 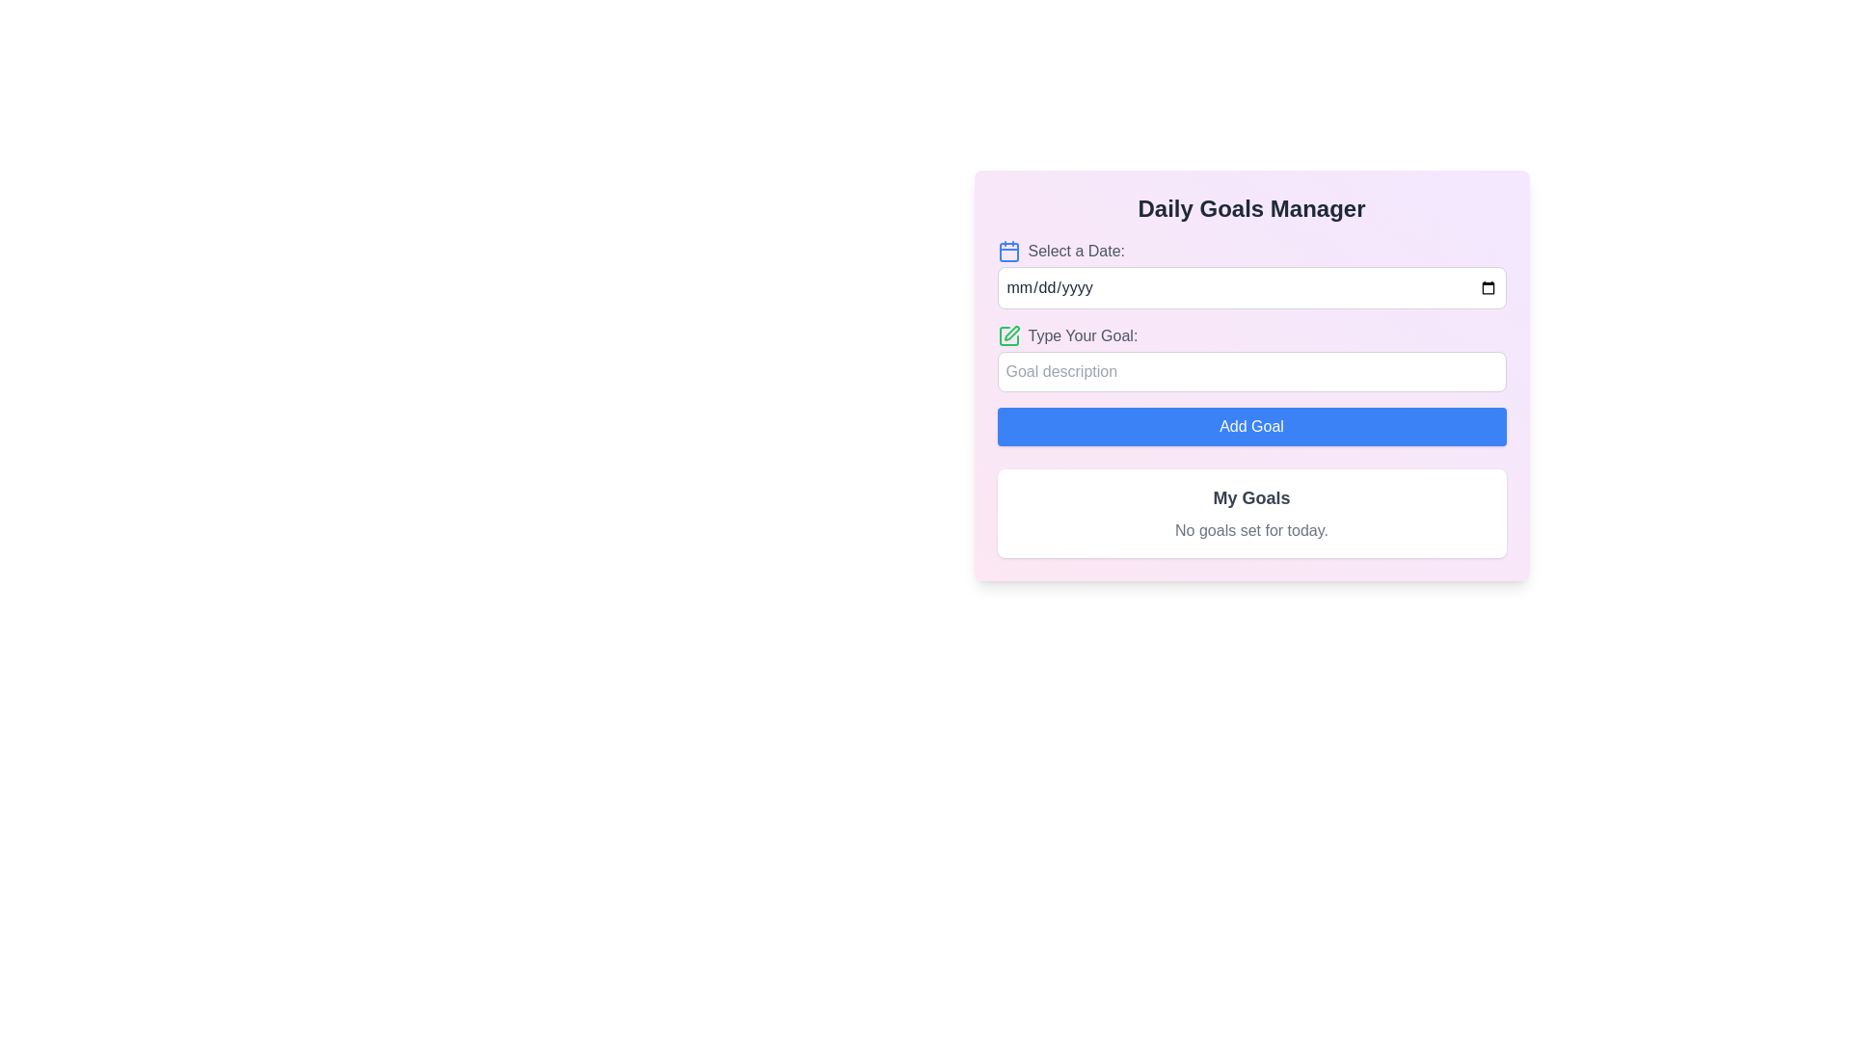 I want to click on the calendar icon with a blue outline and white background located in the 'Select a Date' section, positioned to the left of the label 'Select a Date:', so click(x=1007, y=251).